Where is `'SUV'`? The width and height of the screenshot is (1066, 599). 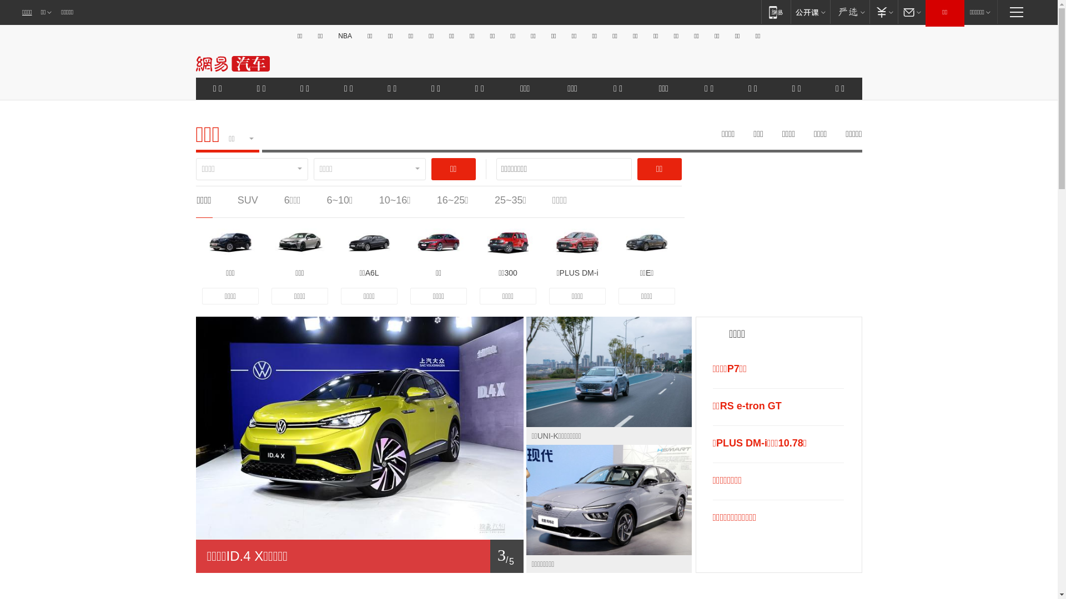
'SUV' is located at coordinates (247, 200).